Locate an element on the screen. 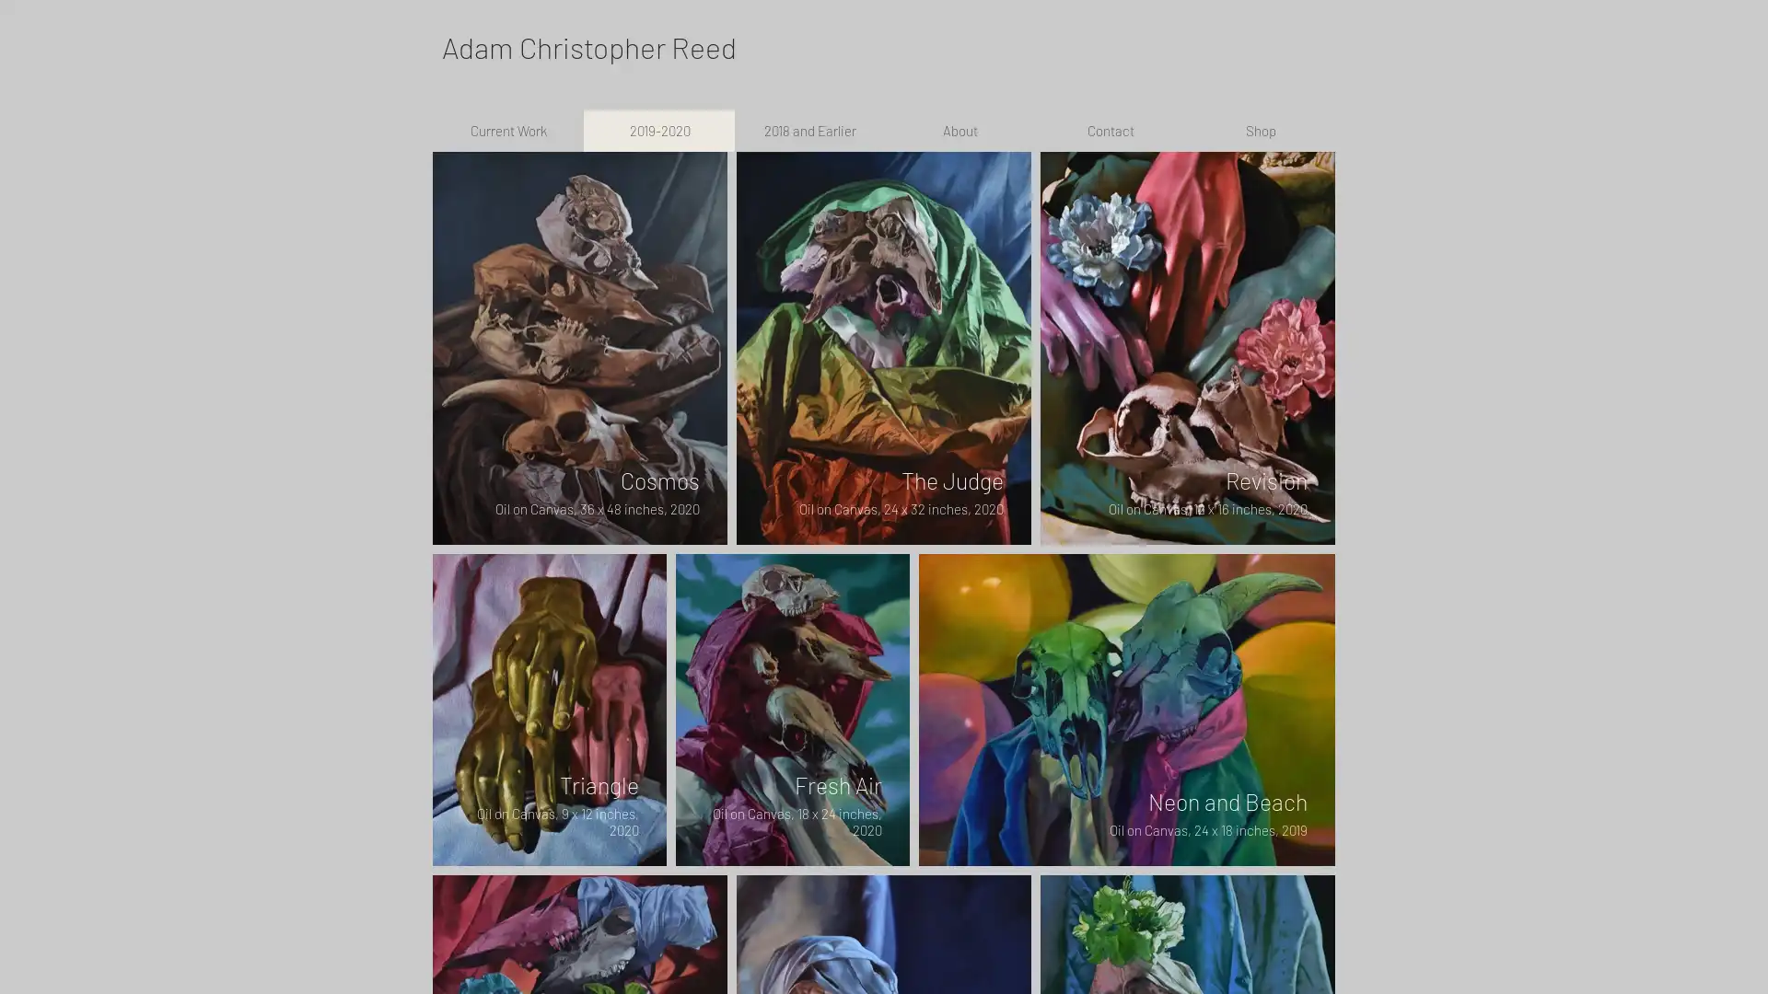  Triangle is located at coordinates (548, 708).